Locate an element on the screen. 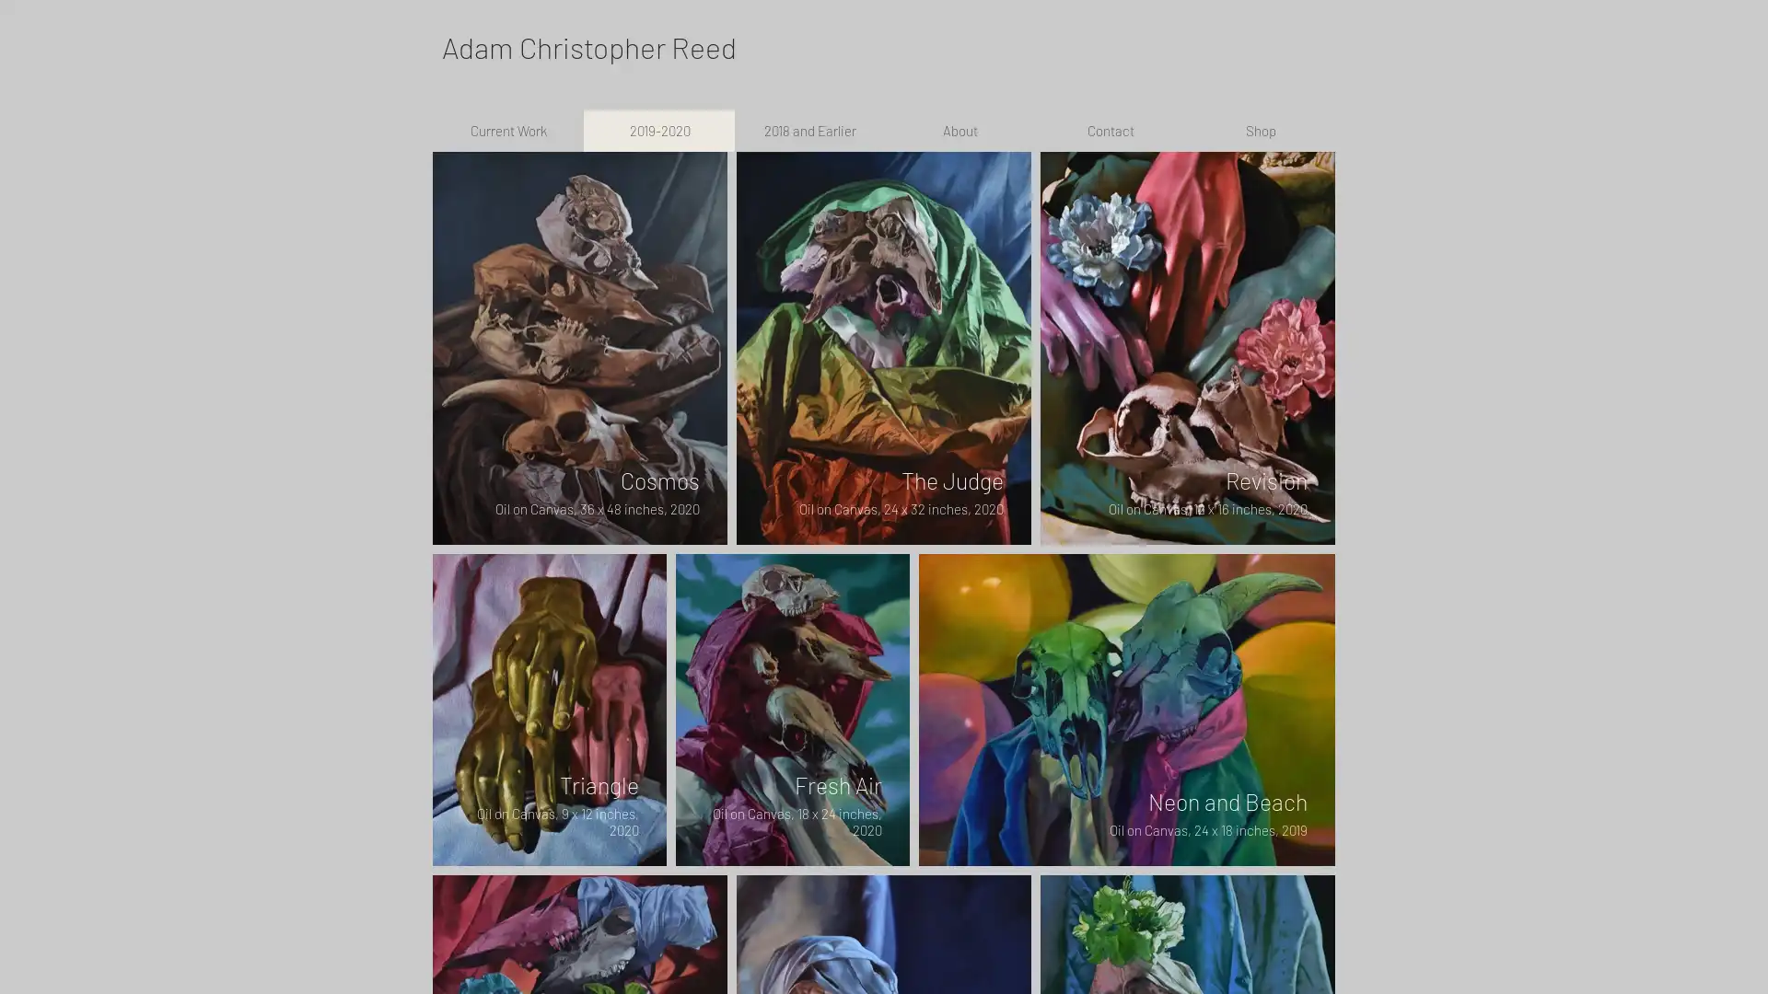  Triangle is located at coordinates (548, 708).